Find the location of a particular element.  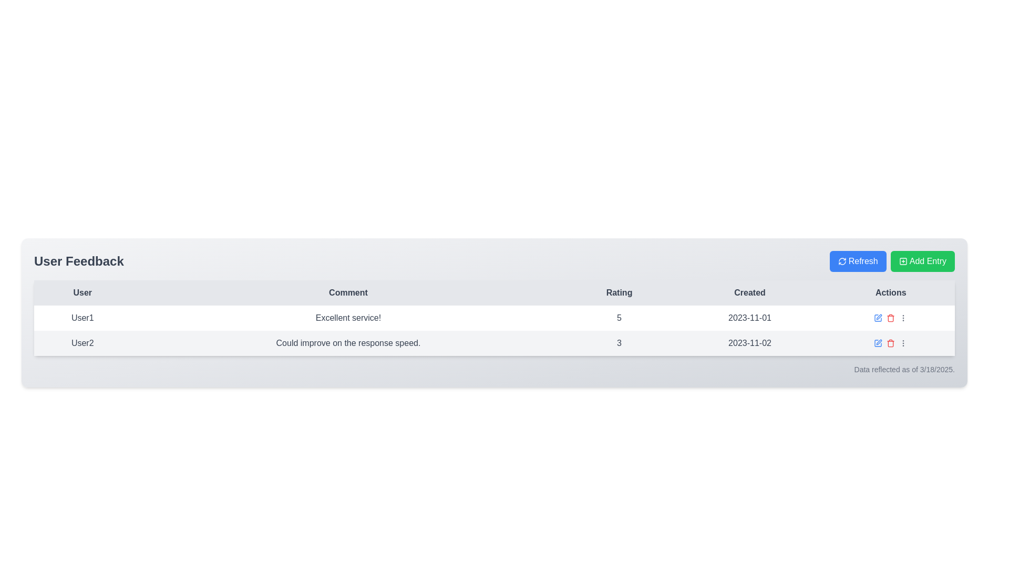

the red trash can icon button, which is the second action icon in the 'Actions' column of the table row is located at coordinates (890, 317).